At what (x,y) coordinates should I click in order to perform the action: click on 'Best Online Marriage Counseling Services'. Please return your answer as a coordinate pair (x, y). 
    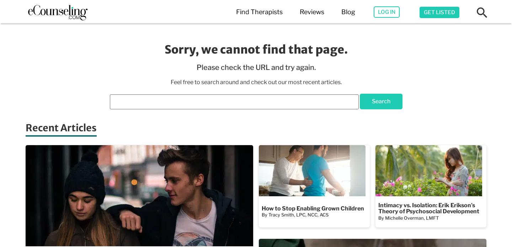
    Looking at the image, I should click on (214, 85).